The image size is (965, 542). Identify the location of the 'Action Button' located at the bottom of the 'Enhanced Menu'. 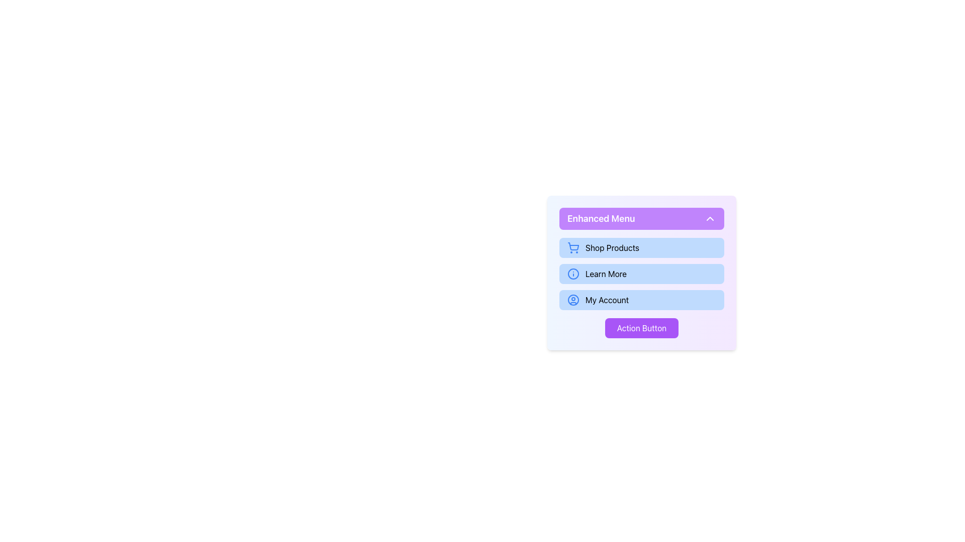
(641, 328).